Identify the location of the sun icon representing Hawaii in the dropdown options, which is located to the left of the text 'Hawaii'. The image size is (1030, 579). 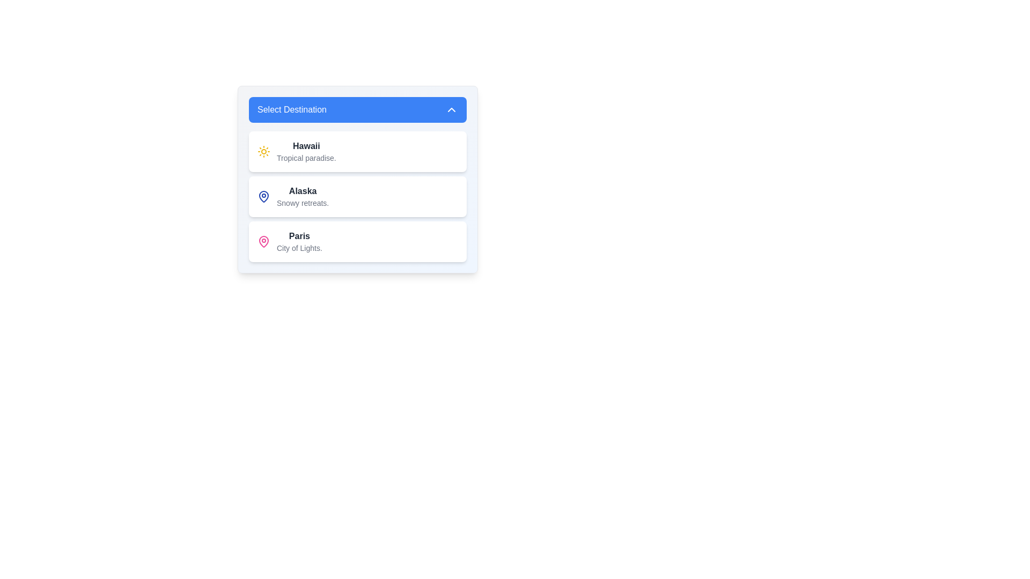
(263, 151).